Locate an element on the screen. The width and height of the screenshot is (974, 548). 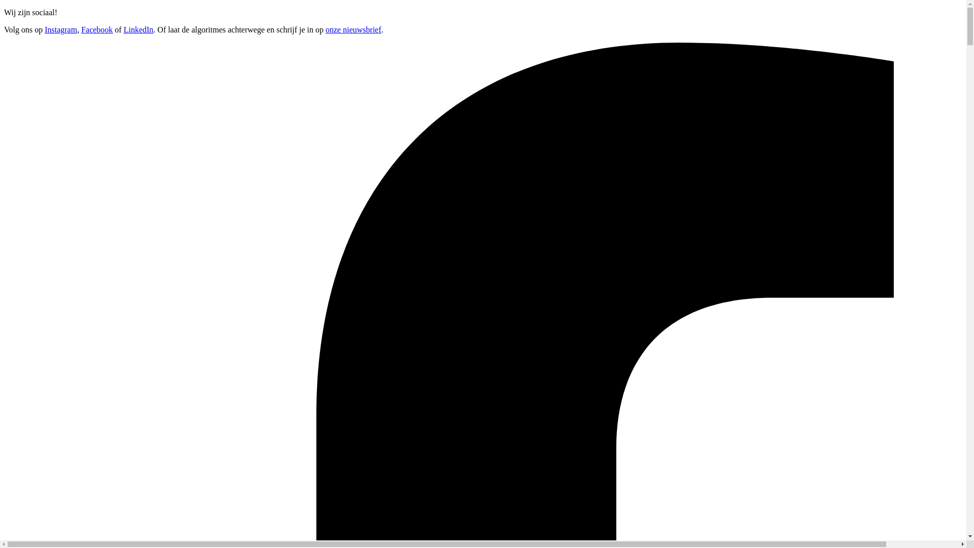
'onze nieuwsbrief' is located at coordinates (353, 29).